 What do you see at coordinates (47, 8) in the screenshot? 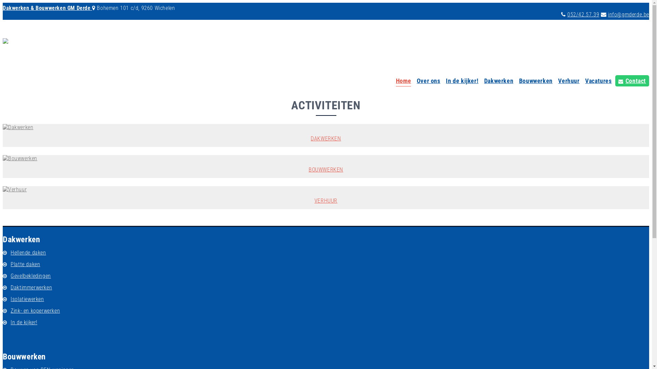
I see `'Dakwerken & Bouwwerken GM Derde'` at bounding box center [47, 8].